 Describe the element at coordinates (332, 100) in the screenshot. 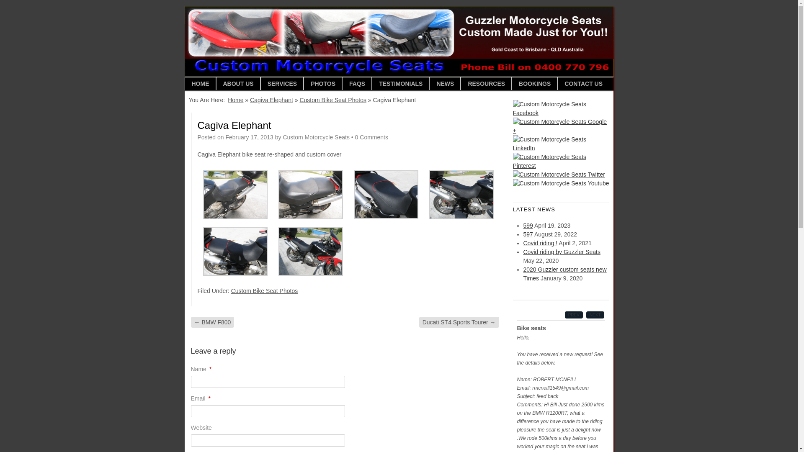

I see `'Custom Bike Seat Photos'` at that location.